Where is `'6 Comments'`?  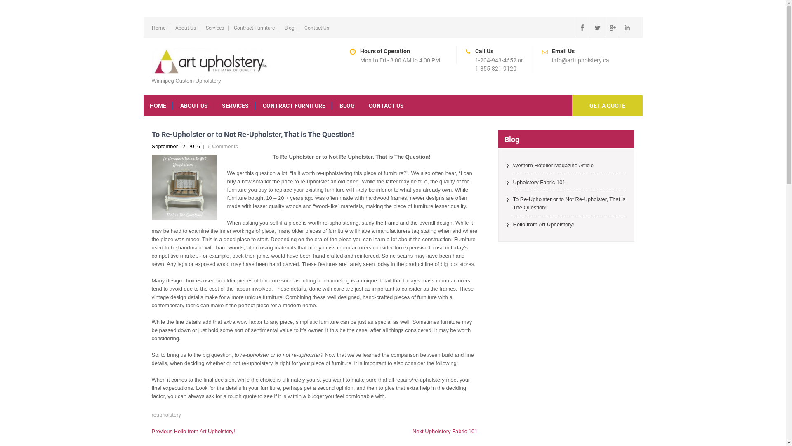
'6 Comments' is located at coordinates (222, 146).